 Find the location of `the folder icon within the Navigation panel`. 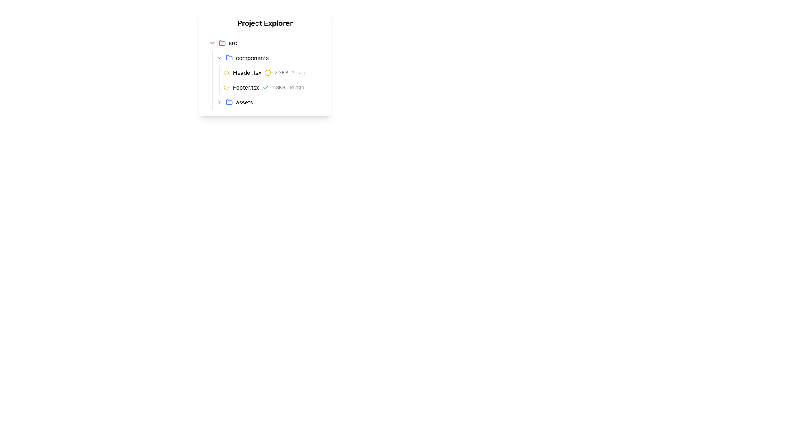

the folder icon within the Navigation panel is located at coordinates (265, 63).